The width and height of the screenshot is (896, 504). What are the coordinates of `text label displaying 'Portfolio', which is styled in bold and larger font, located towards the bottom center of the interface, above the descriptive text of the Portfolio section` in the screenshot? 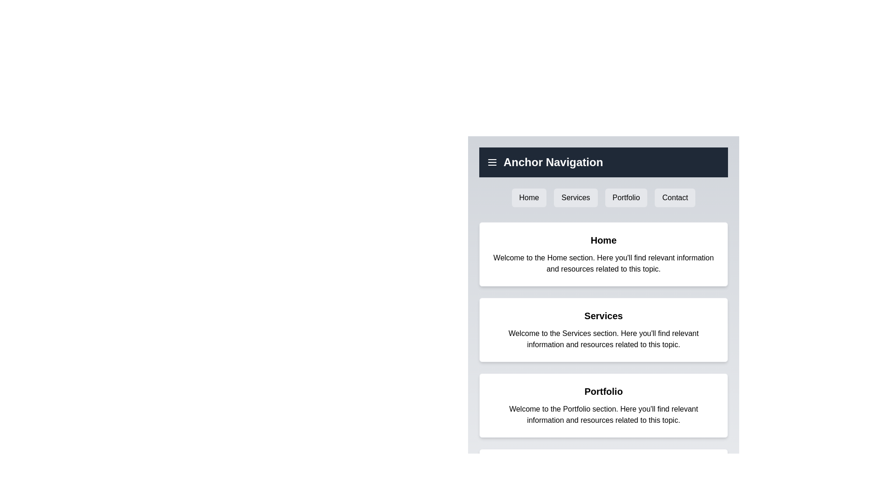 It's located at (603, 392).